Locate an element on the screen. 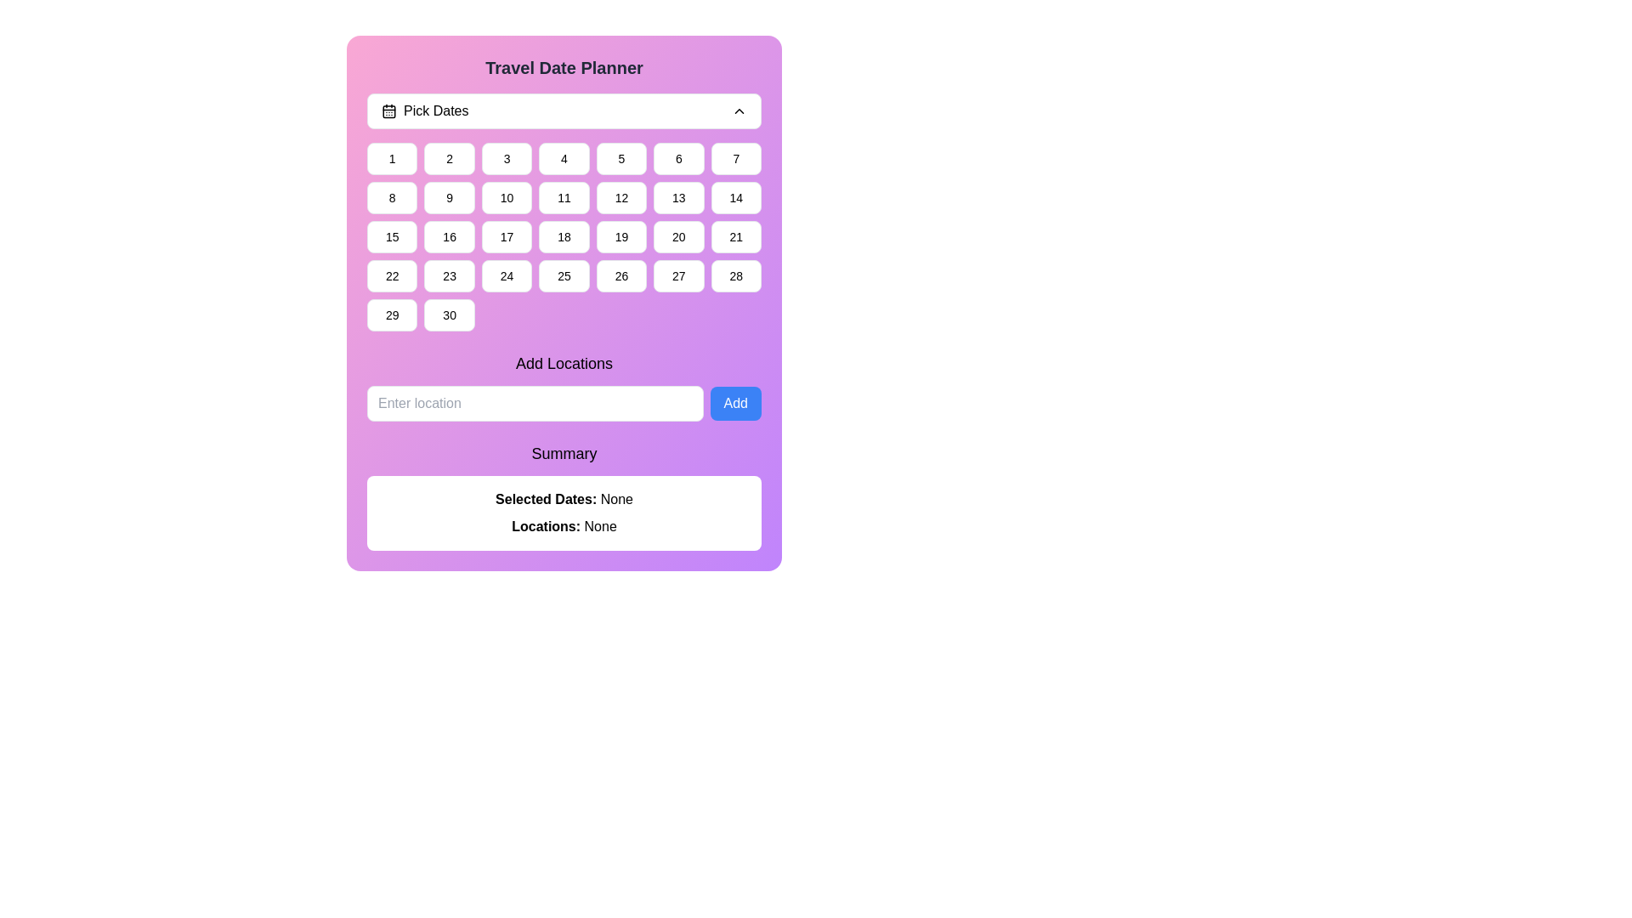  the Informational text box that displays 'Selected Dates: None' and 'Locations: None' within the 'Summary' section at the bottom of the interface is located at coordinates (564, 513).